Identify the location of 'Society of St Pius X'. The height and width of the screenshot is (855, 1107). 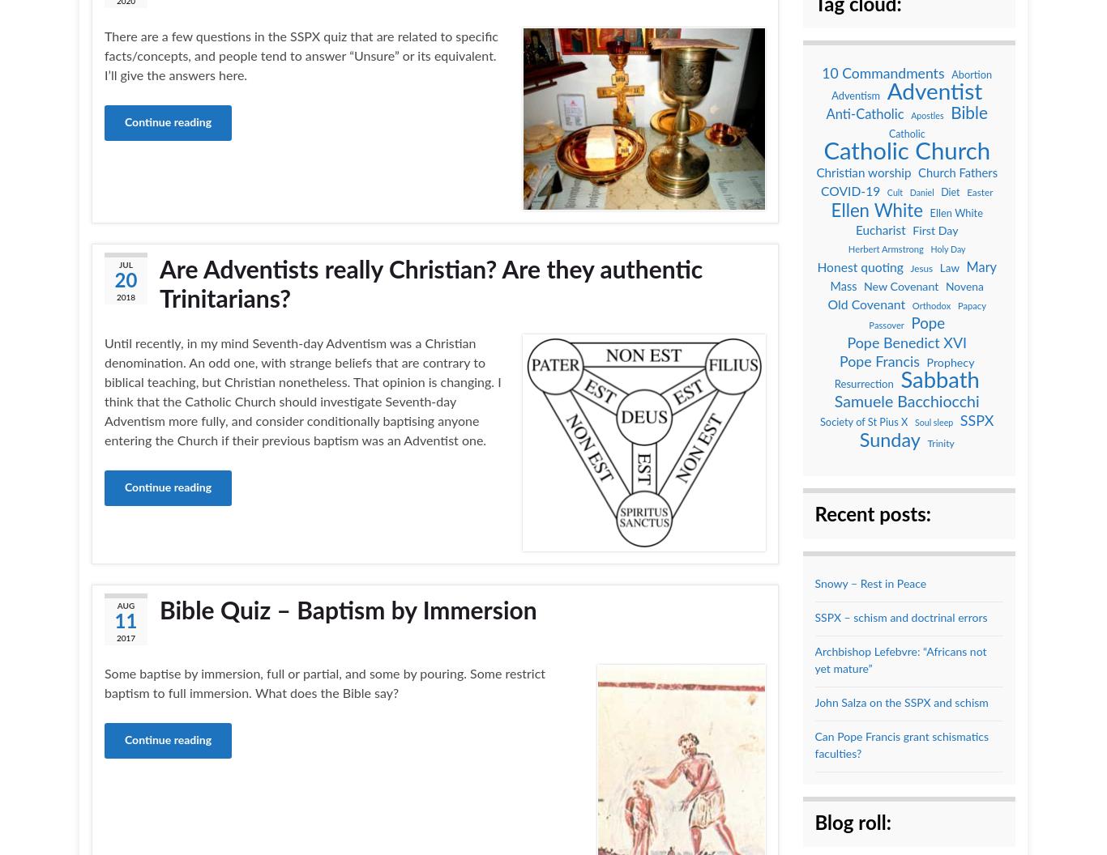
(863, 421).